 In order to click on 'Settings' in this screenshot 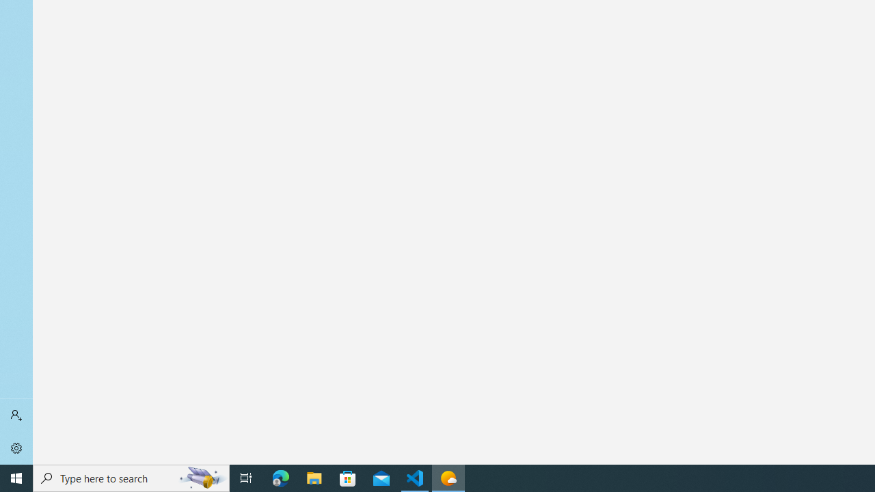, I will do `click(16, 448)`.